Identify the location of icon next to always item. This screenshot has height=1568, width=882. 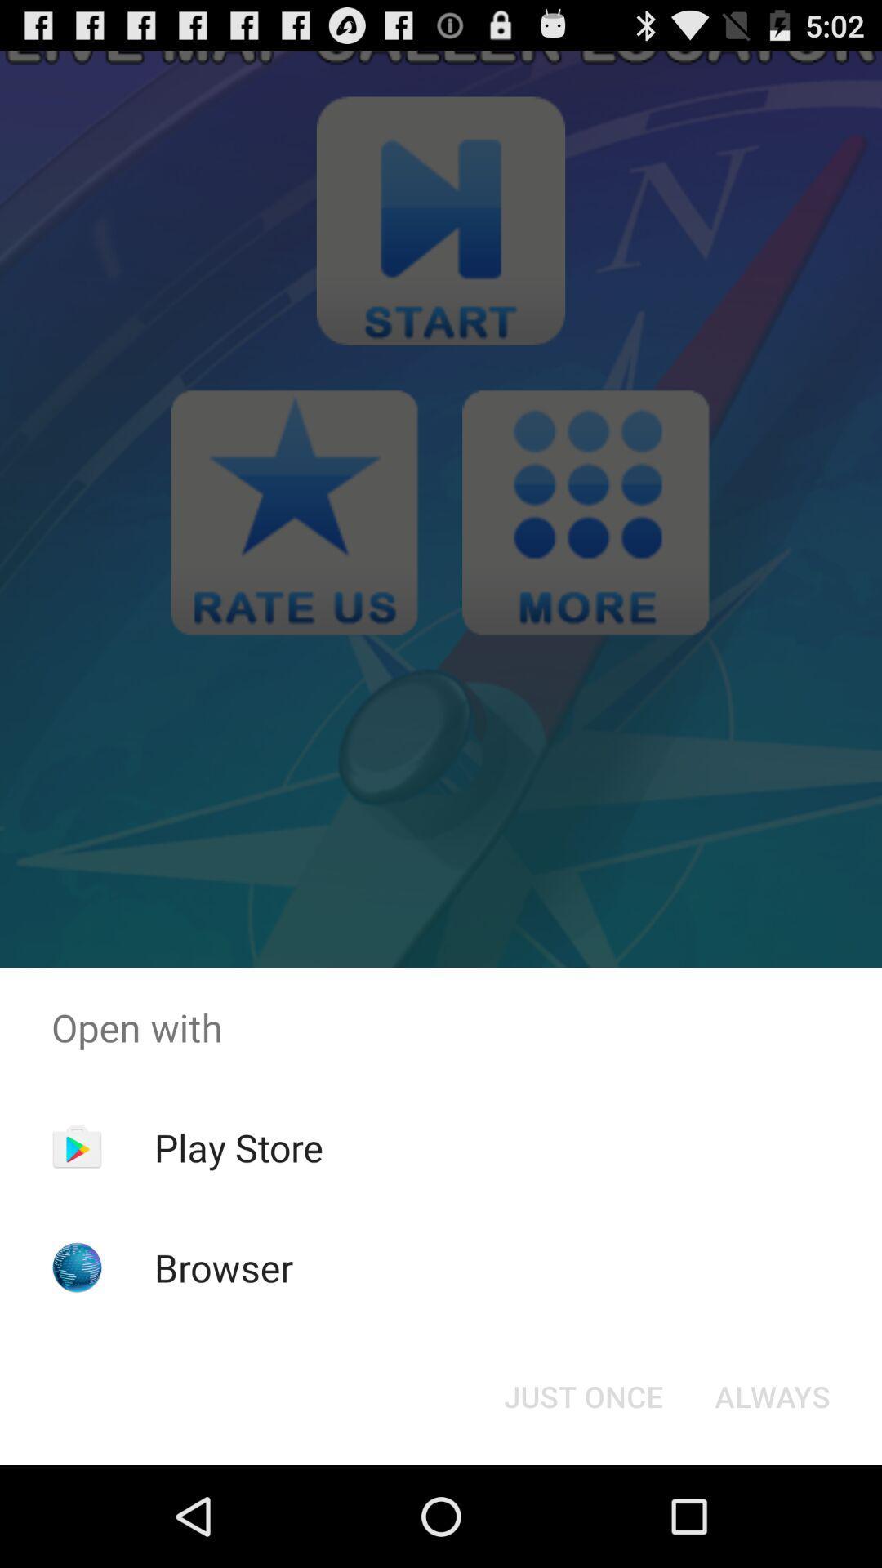
(582, 1395).